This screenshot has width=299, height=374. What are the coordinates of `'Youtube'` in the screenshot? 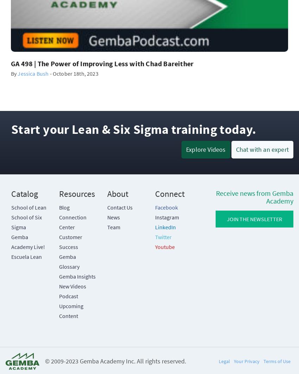 It's located at (165, 246).